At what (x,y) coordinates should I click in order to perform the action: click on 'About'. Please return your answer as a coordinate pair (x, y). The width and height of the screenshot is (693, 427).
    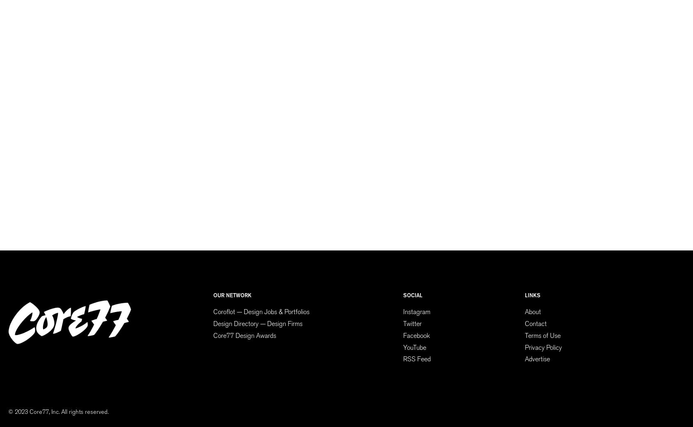
    Looking at the image, I should click on (524, 312).